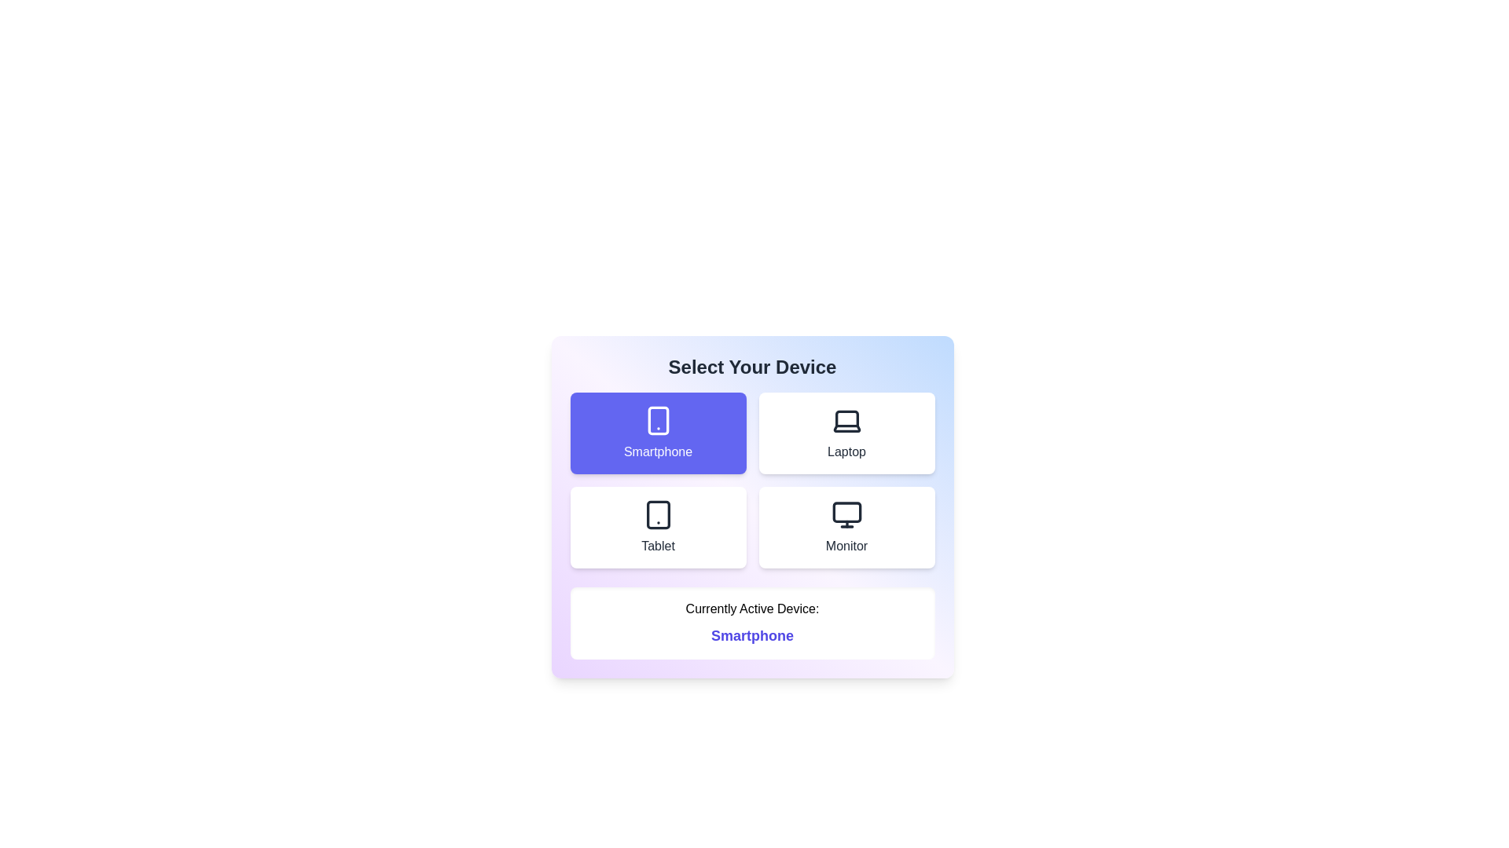 The height and width of the screenshot is (848, 1509). Describe the element at coordinates (846, 527) in the screenshot. I see `the device Monitor from the options` at that location.